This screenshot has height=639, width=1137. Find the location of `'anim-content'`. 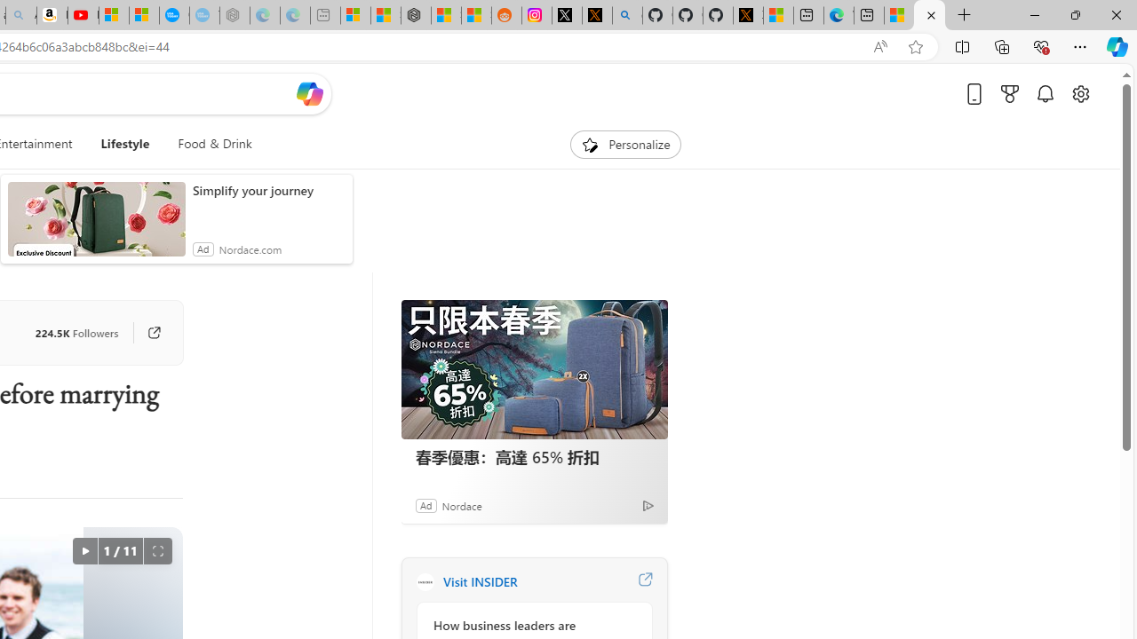

'anim-content' is located at coordinates (95, 225).